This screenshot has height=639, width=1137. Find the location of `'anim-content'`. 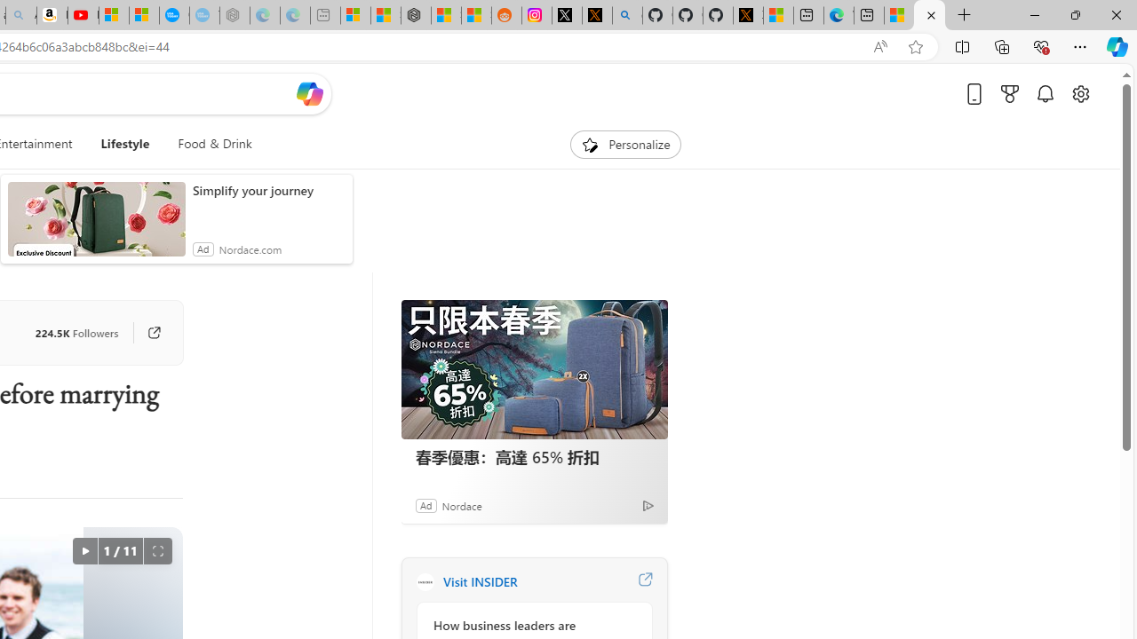

'anim-content' is located at coordinates (95, 225).